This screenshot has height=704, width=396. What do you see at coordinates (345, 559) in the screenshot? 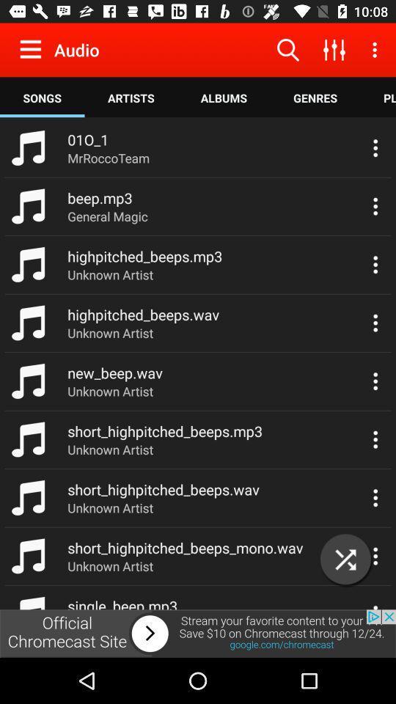
I see `a song` at bounding box center [345, 559].